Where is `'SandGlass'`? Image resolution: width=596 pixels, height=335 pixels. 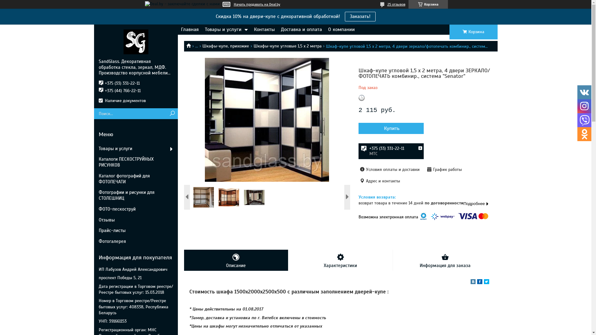
'SandGlass' is located at coordinates (135, 42).